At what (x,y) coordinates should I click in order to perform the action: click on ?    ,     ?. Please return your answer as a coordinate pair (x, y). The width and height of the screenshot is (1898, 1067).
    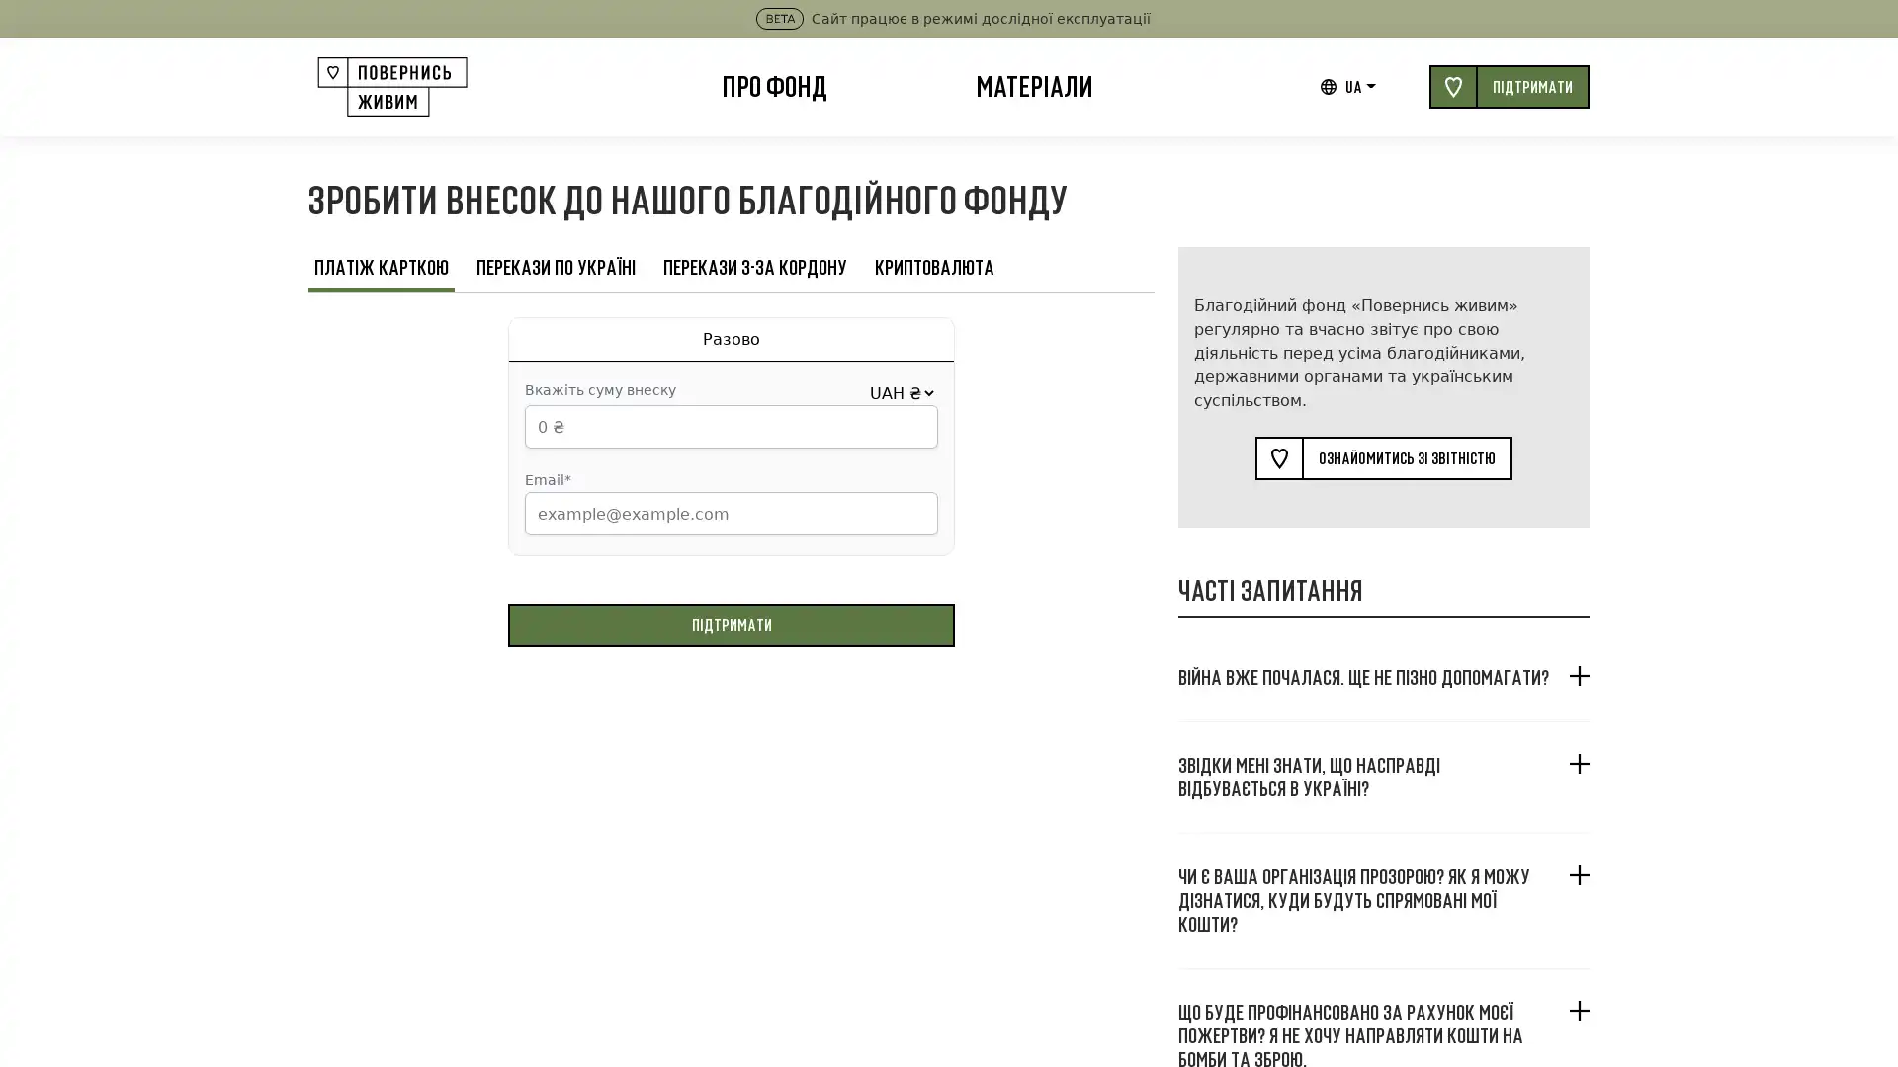
    Looking at the image, I should click on (1383, 899).